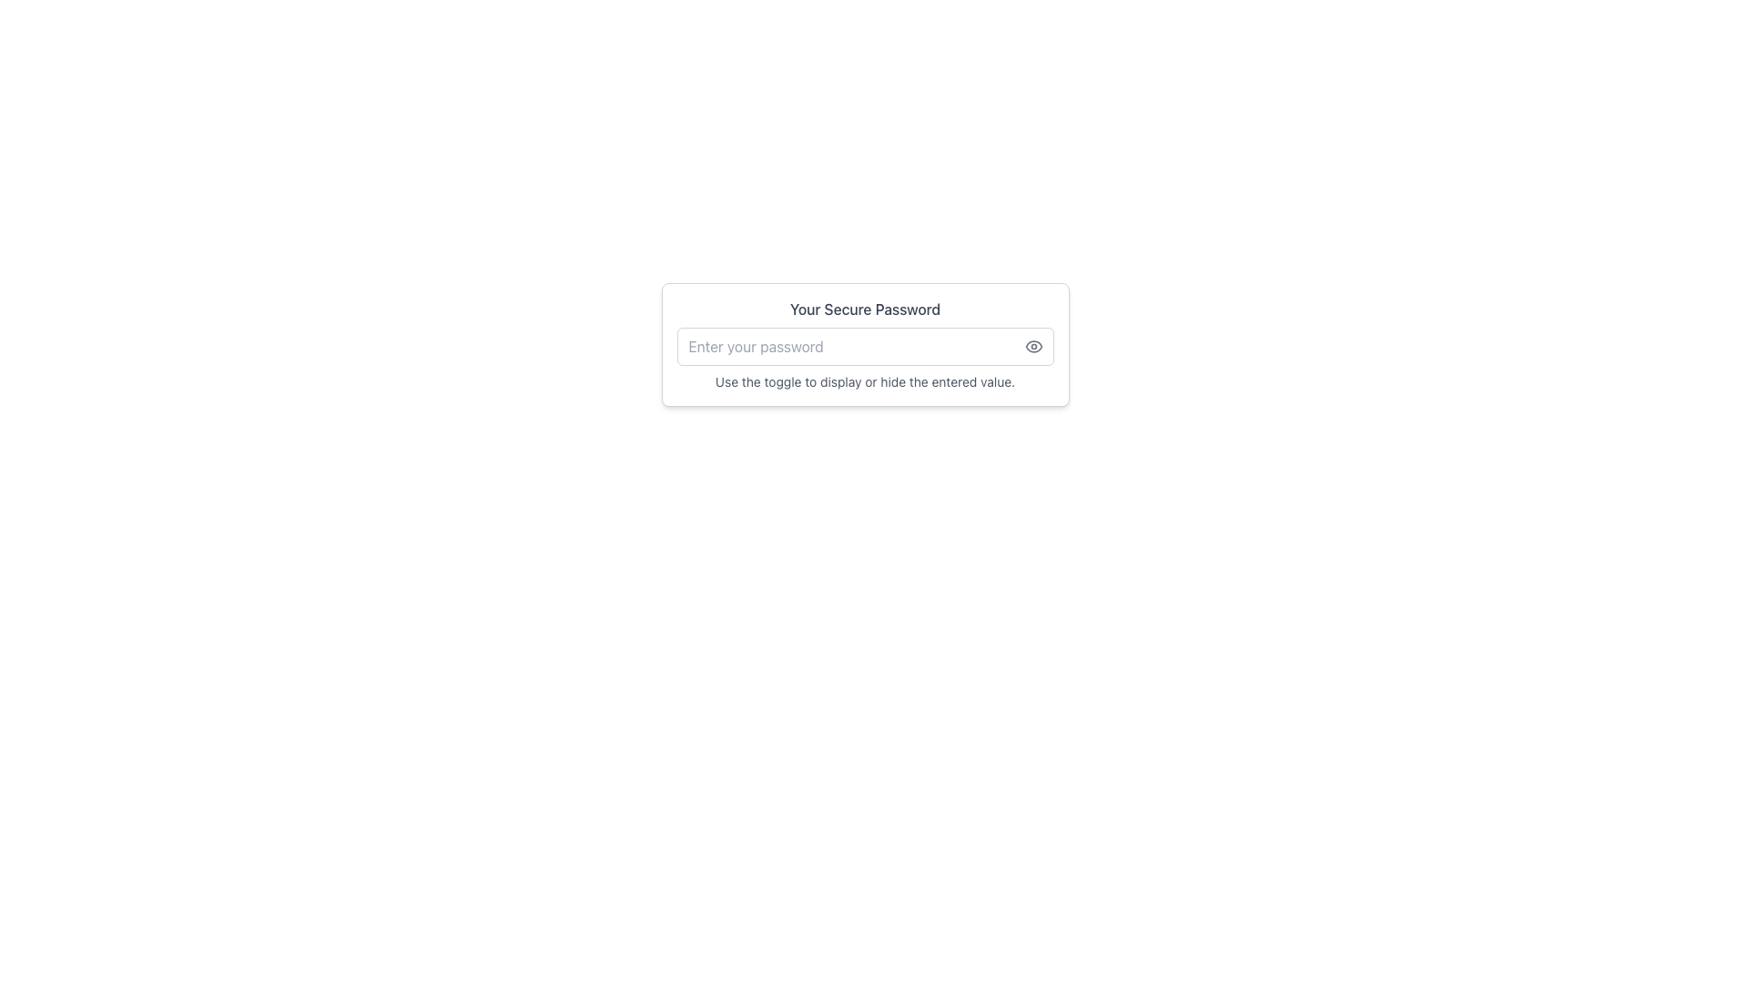  Describe the element at coordinates (1033, 347) in the screenshot. I see `the eye icon located at the right end of the password input field` at that location.